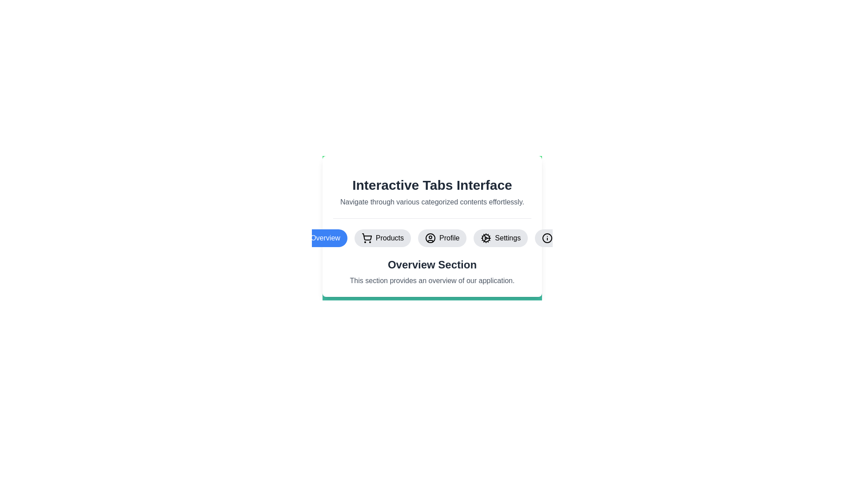  What do you see at coordinates (383, 238) in the screenshot?
I see `the 'Products' navigation button, which features a black shopping cart icon and the label 'Products' on a slightly gray background, to observe the visual transition effect` at bounding box center [383, 238].